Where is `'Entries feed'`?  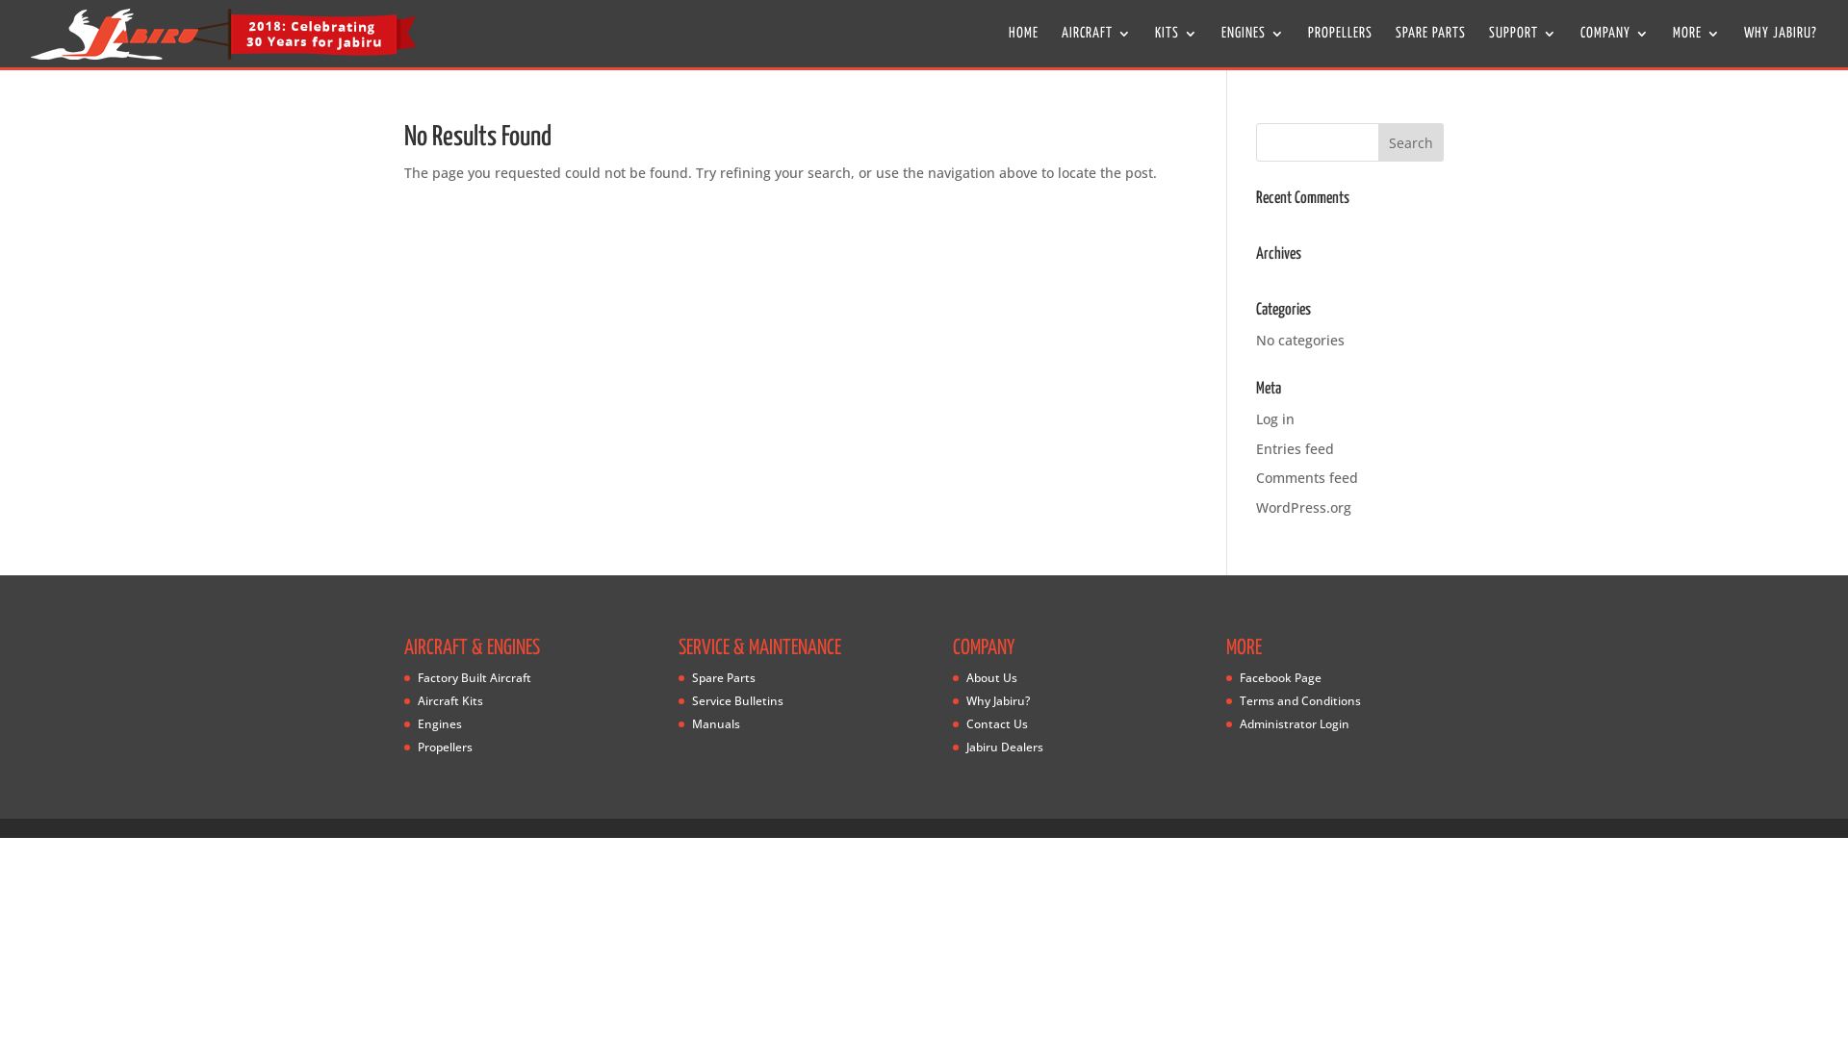
'Entries feed' is located at coordinates (1295, 448).